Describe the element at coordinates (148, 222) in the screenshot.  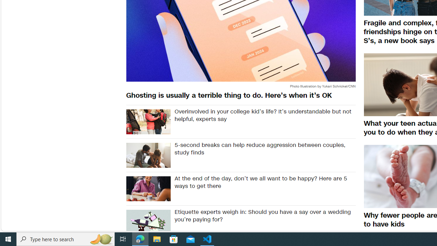
I see `'Wellness Wedding Etiquette.png'` at that location.